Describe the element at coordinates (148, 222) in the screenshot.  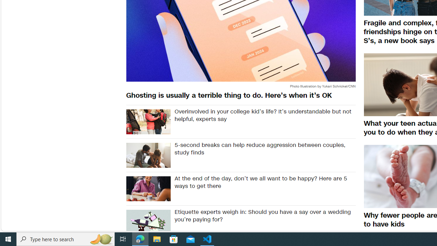
I see `'Wellness Wedding Etiquette.png'` at that location.